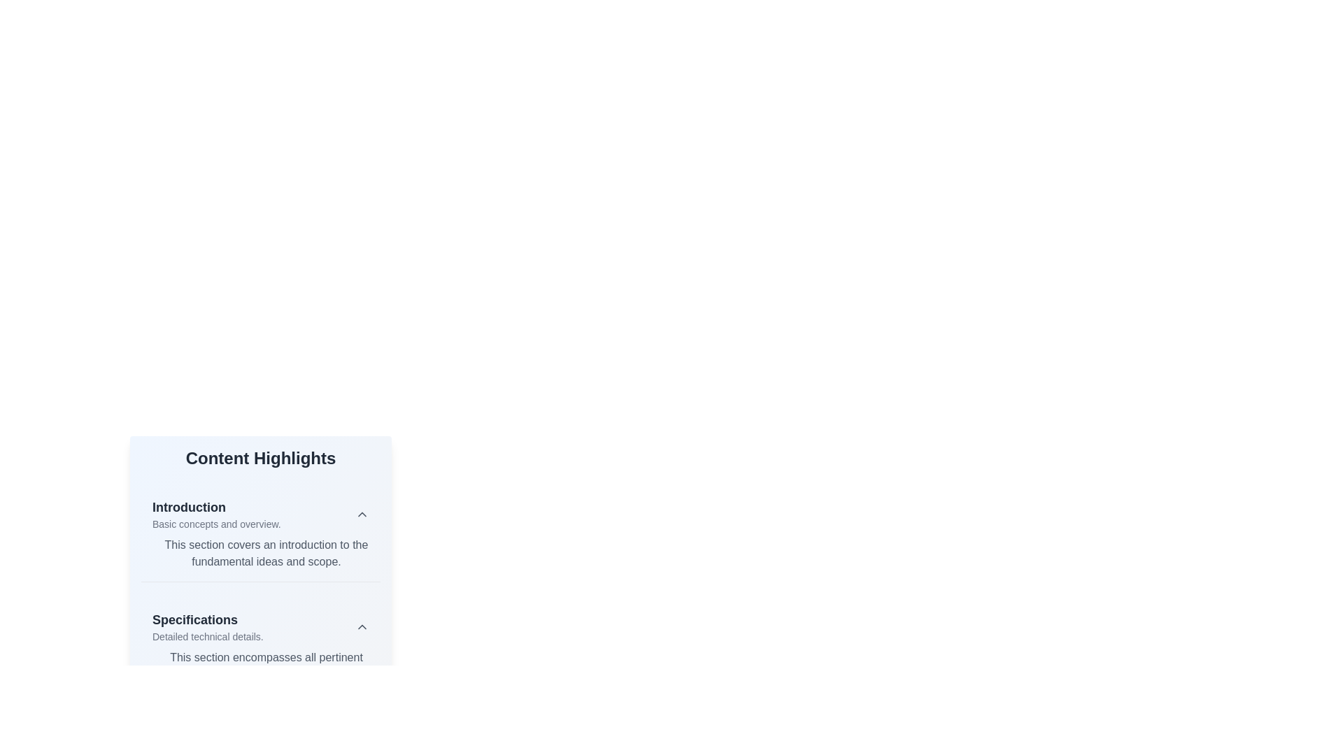  Describe the element at coordinates (207, 619) in the screenshot. I see `the 'Specifications' text label, which is bold and large, positioned above its associated description in the 'Content Highlights' section` at that location.